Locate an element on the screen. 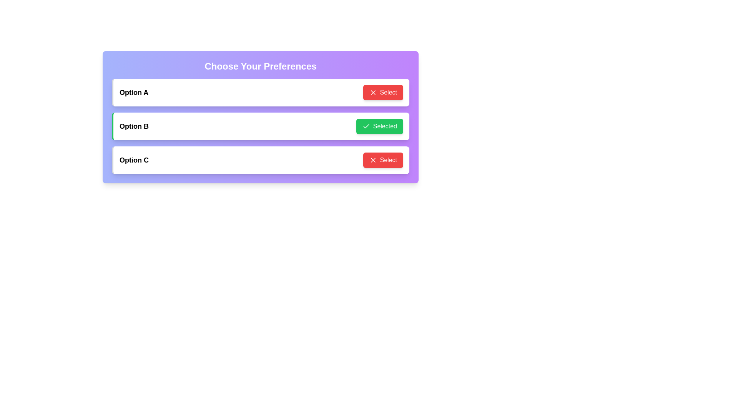 The image size is (738, 415). the button corresponding to Option A to observe the hover animation is located at coordinates (383, 92).